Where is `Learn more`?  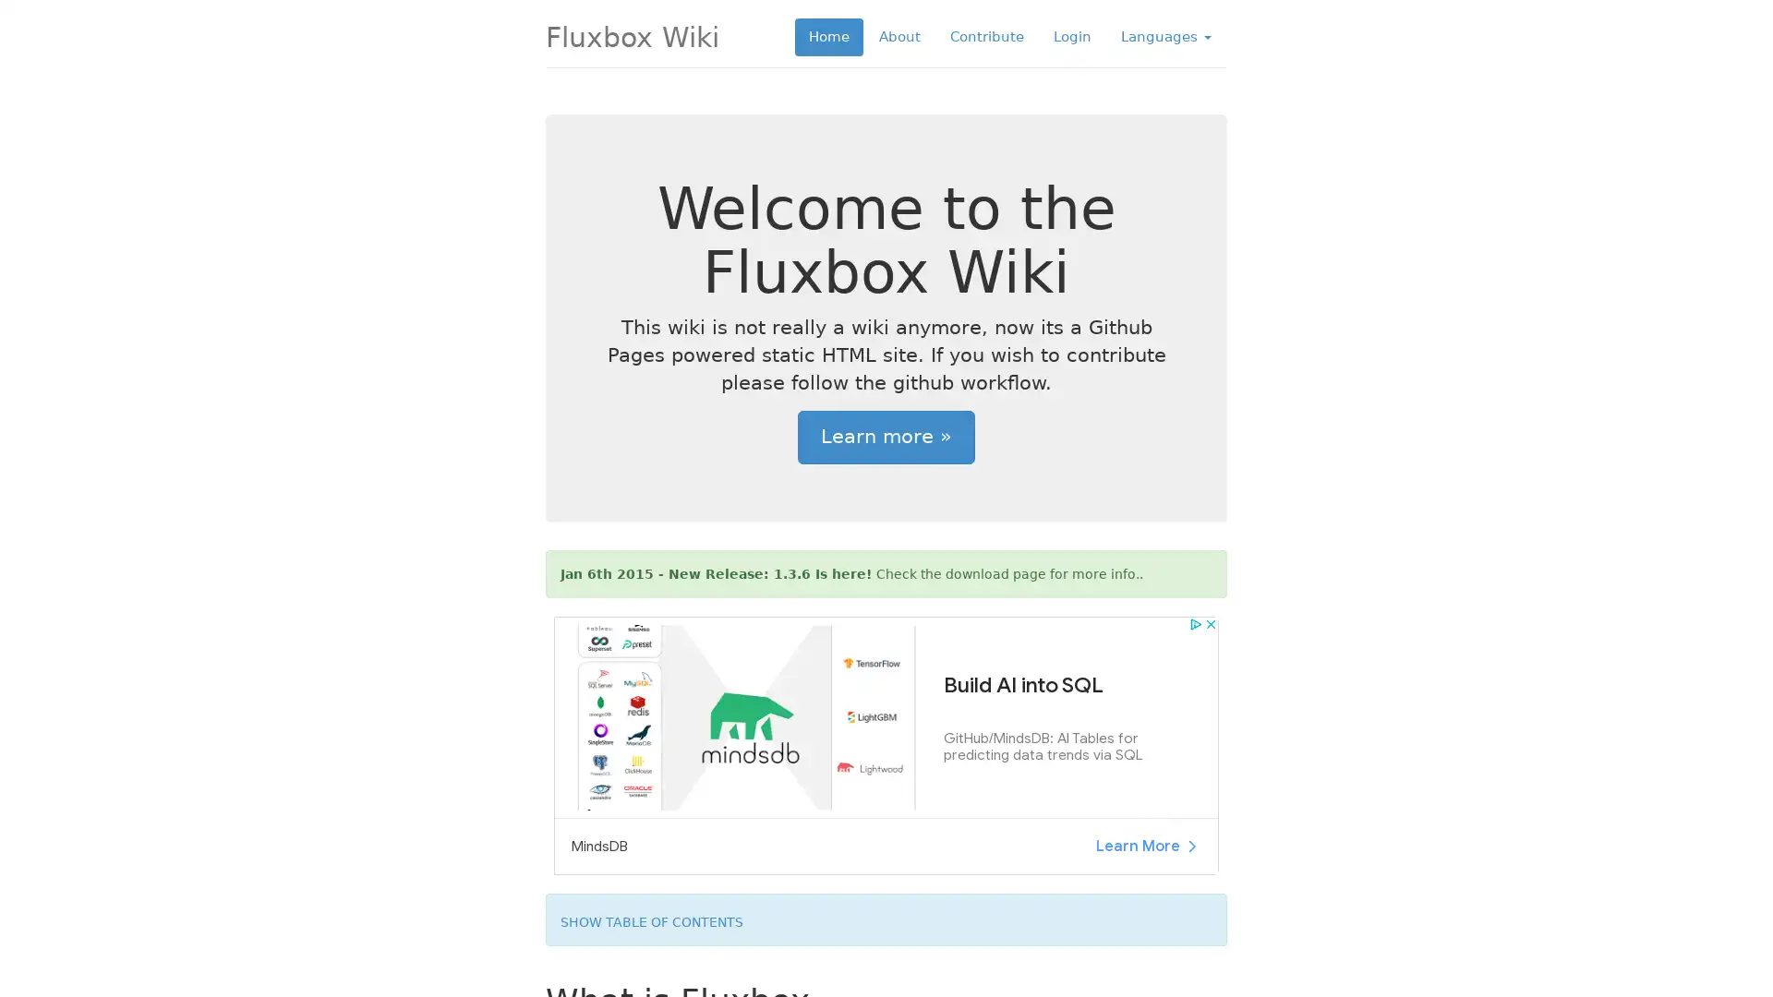
Learn more is located at coordinates (886, 438).